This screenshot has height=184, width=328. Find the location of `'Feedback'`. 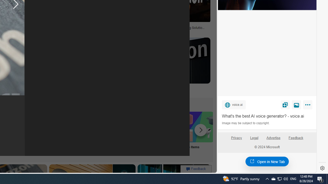

'Feedback' is located at coordinates (296, 137).